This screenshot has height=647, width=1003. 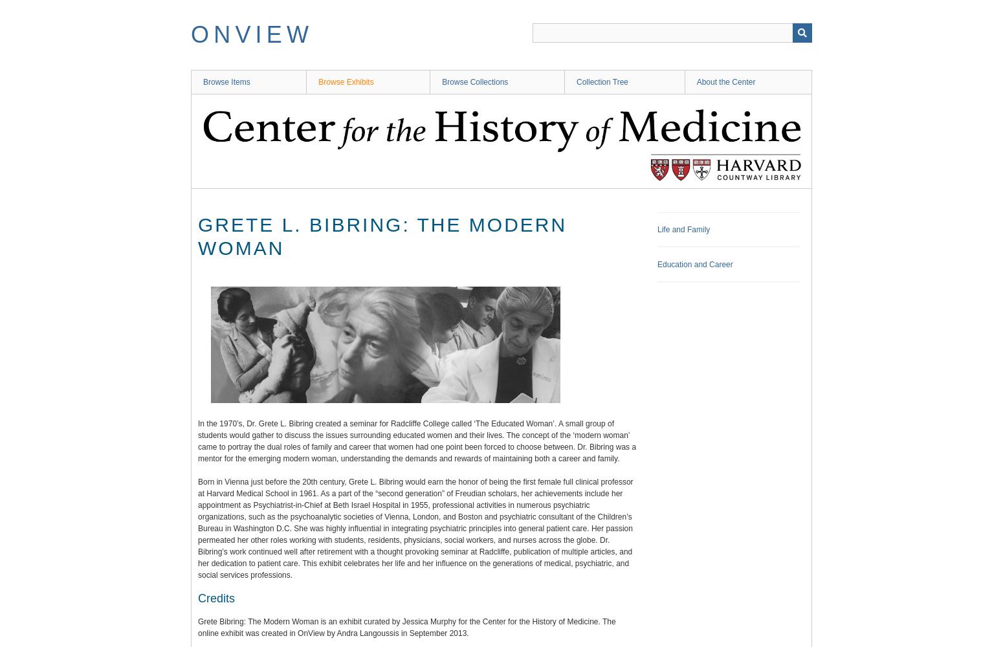 I want to click on 'In the 1970’s, Dr. Grete L. Bibring created a seminar for Radcliffe College called ‘The Educated Woman’. A small group of students would gather to discuss the issues surrounding educated women and their lives. The concept of the ‘modern woman’ came to portray the dual roles of family and career that women had one point been forced to choose between. Dr. Bibring was a mentor for the emerging modern woman, understanding the demands and rewards of maintaining both a career and family.', so click(x=416, y=441).